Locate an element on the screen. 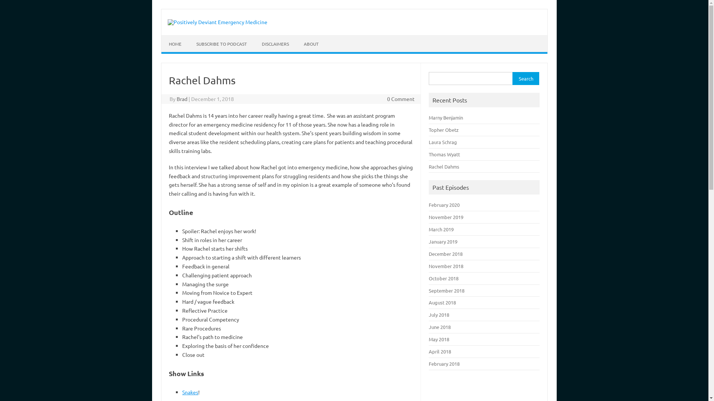 This screenshot has width=714, height=401. 'February 2020' is located at coordinates (444, 205).